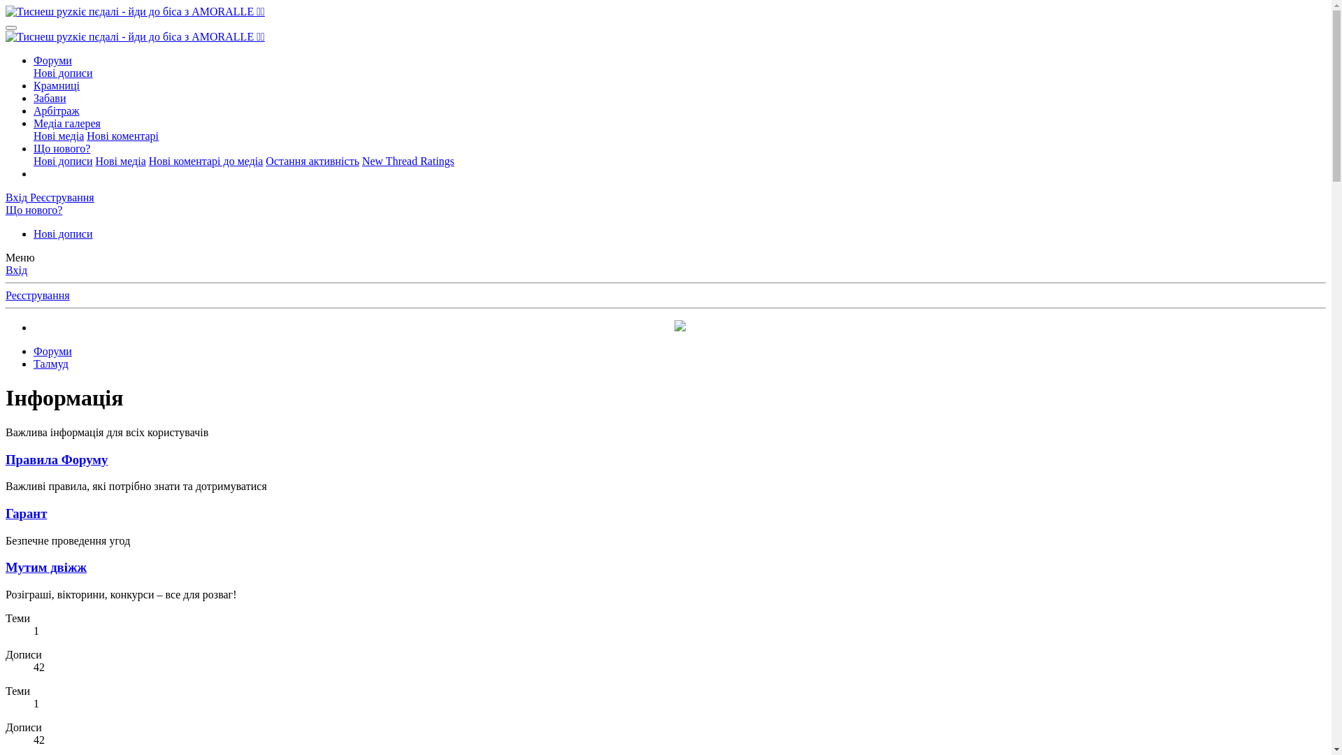  I want to click on 'New Thread Ratings', so click(362, 160).